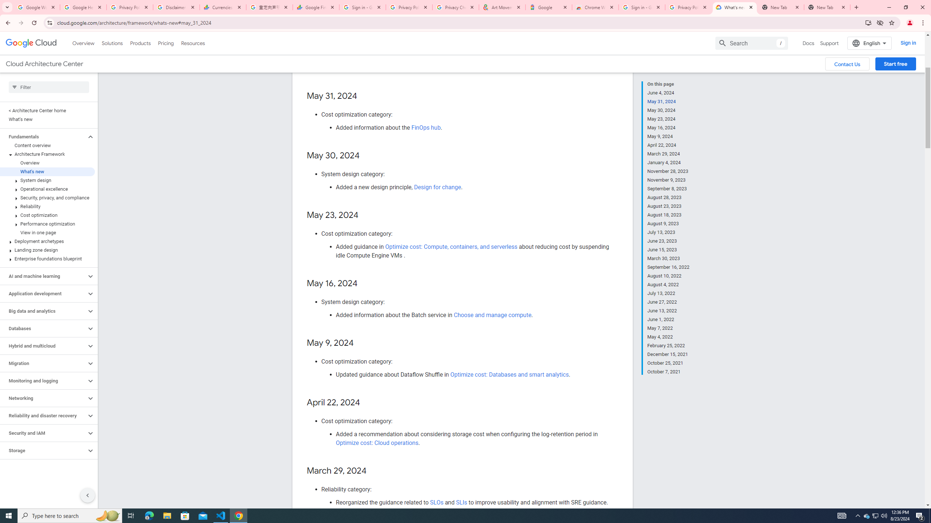 Image resolution: width=931 pixels, height=523 pixels. Describe the element at coordinates (87, 495) in the screenshot. I see `'Hide side navigation'` at that location.